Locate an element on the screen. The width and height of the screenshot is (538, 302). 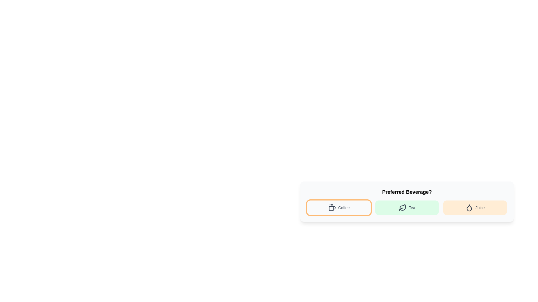
the juice icon located to the left of the text 'Juice' within the 'Preferred Beverage?' options is located at coordinates (469, 208).